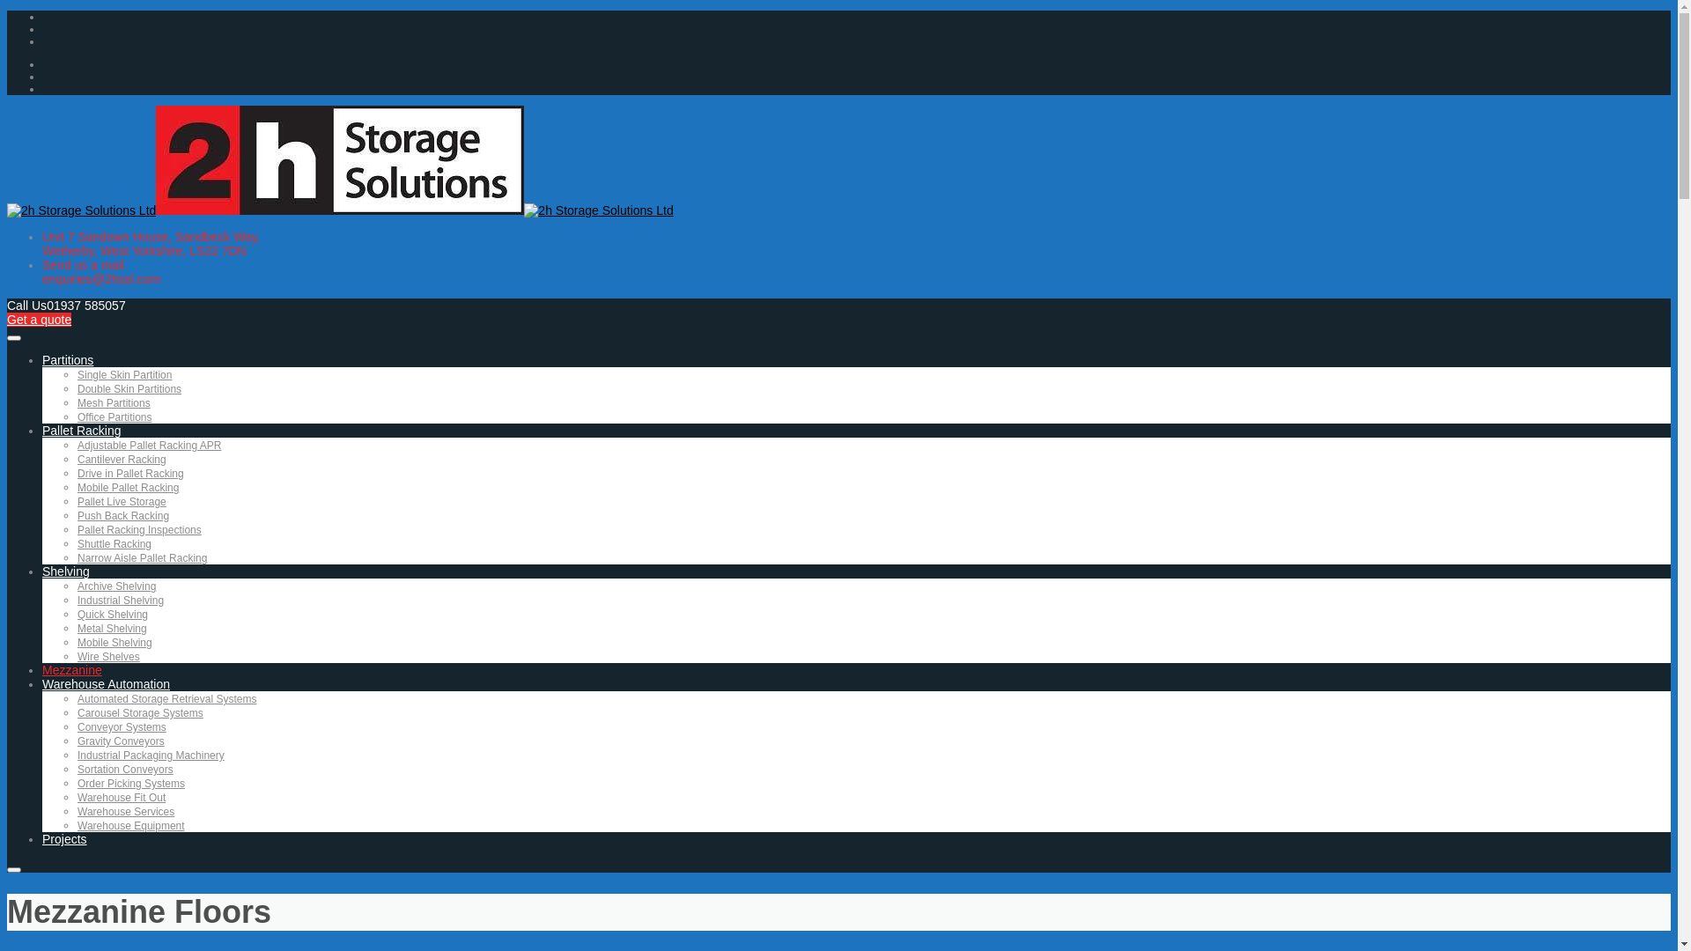  What do you see at coordinates (76, 798) in the screenshot?
I see `'Warehouse Fit Out'` at bounding box center [76, 798].